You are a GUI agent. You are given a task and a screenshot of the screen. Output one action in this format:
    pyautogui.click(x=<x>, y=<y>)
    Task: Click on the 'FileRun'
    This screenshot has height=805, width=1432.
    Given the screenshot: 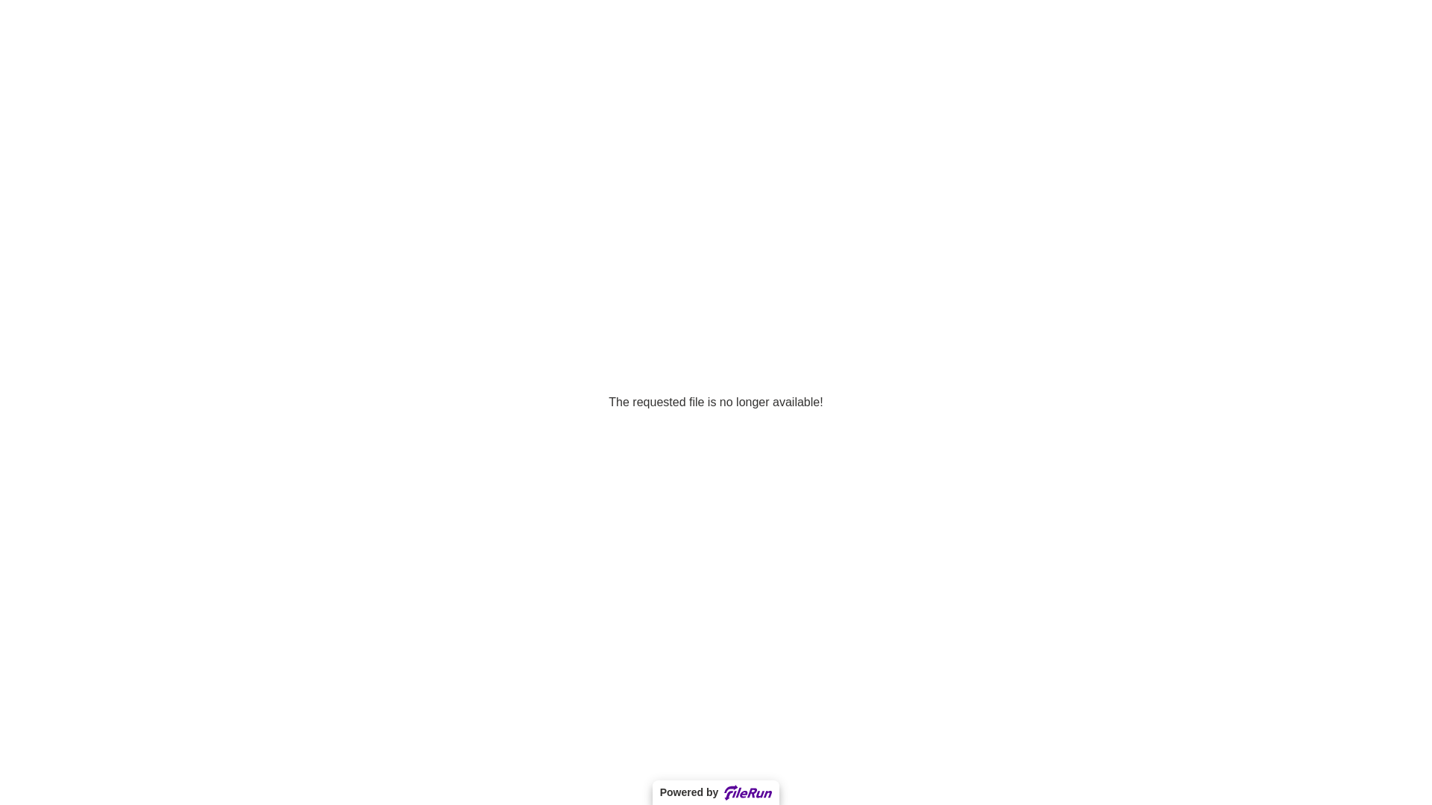 What is the action you would take?
    pyautogui.click(x=748, y=792)
    